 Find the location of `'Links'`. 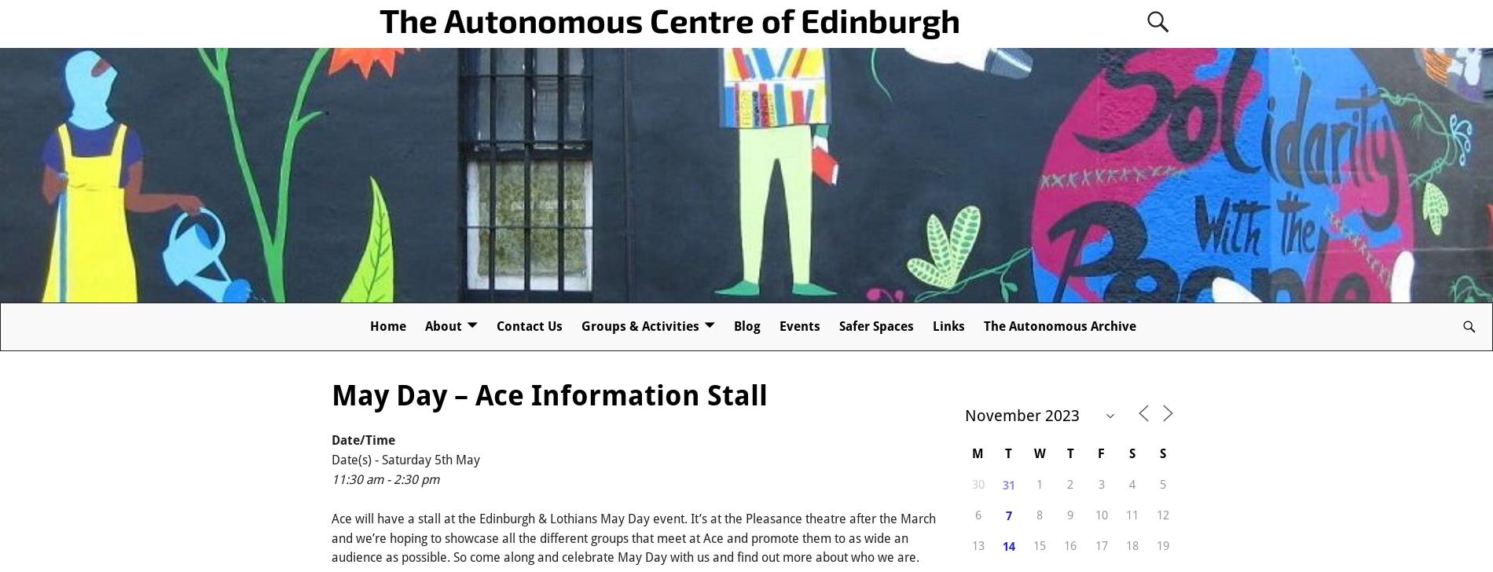

'Links' is located at coordinates (947, 326).